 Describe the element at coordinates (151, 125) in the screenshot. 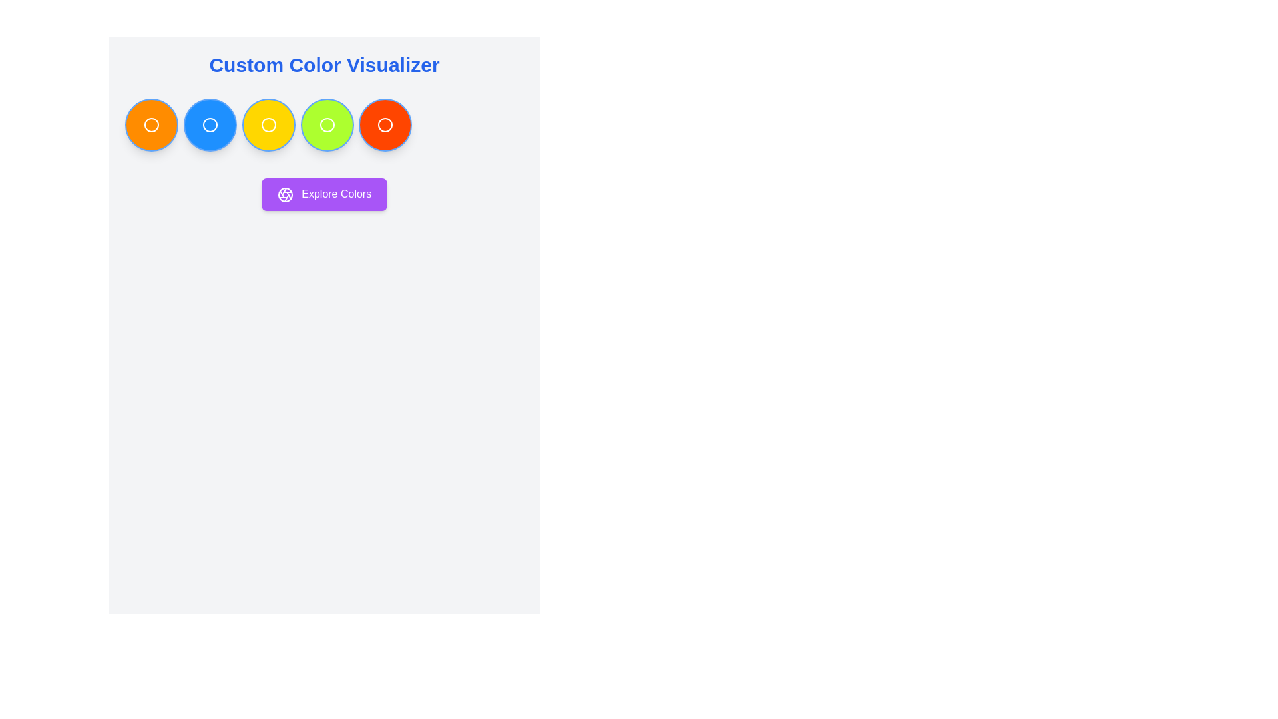

I see `the first circular button below the 'Custom Color Visualizer' heading` at that location.